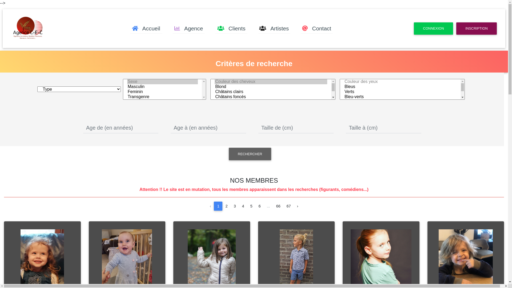 The image size is (512, 288). I want to click on 'Agence', so click(189, 29).